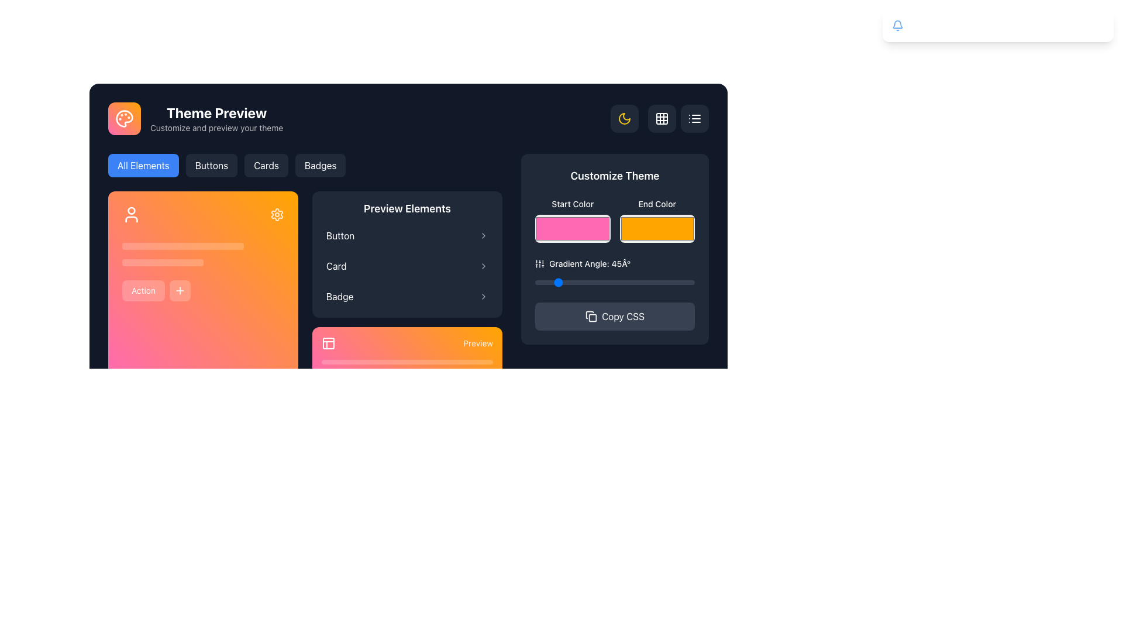 The width and height of the screenshot is (1123, 632). I want to click on the Label providing a description for the 'Theme Preview' section, so click(216, 128).